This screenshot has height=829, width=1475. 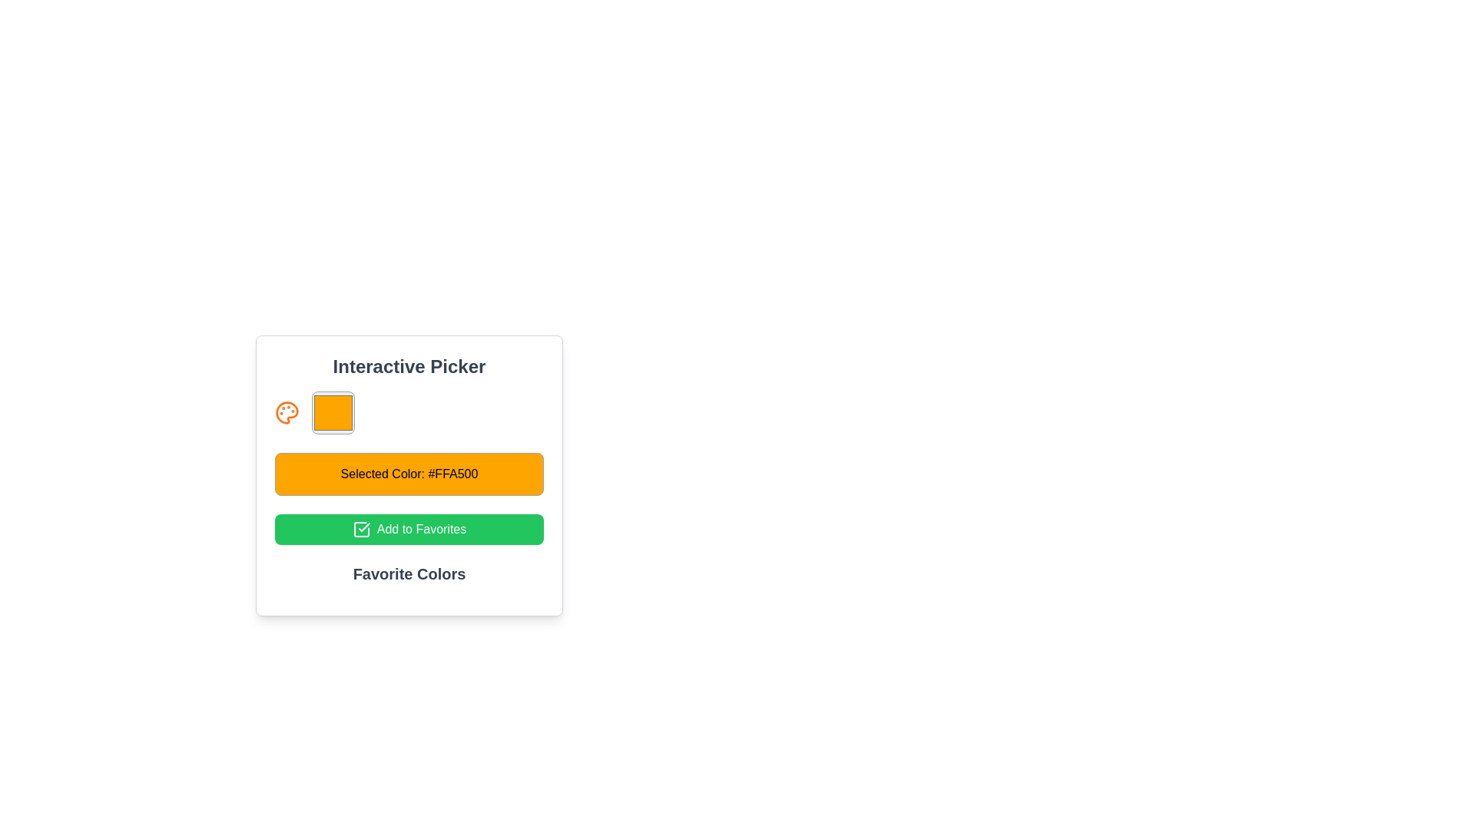 I want to click on the 'Add to Favorites' icon, which is positioned near the left edge of the button labeled 'Add to Favorites', so click(x=360, y=529).